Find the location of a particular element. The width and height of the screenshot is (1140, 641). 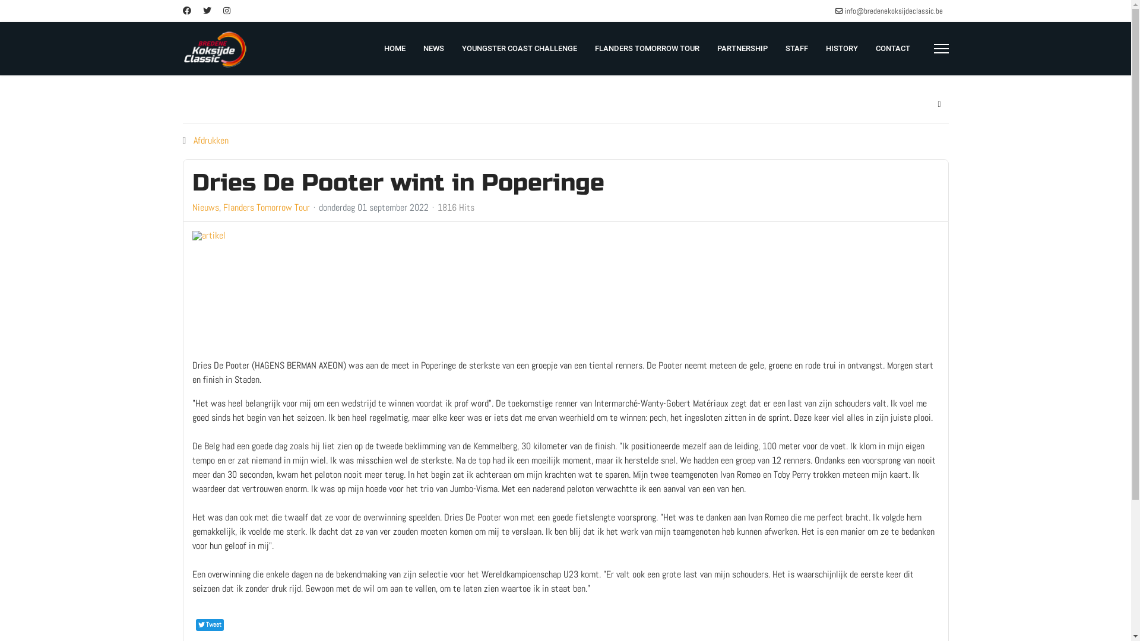

'PARTNERSHIP' is located at coordinates (741, 47).